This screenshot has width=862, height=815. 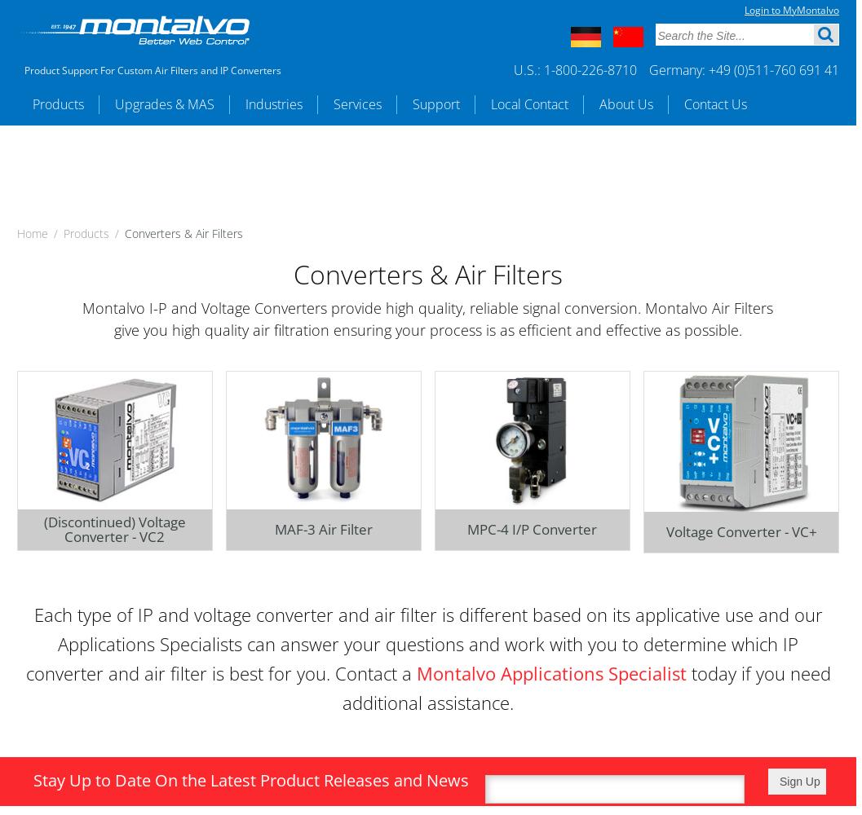 What do you see at coordinates (528, 69) in the screenshot?
I see `'U.S.:'` at bounding box center [528, 69].